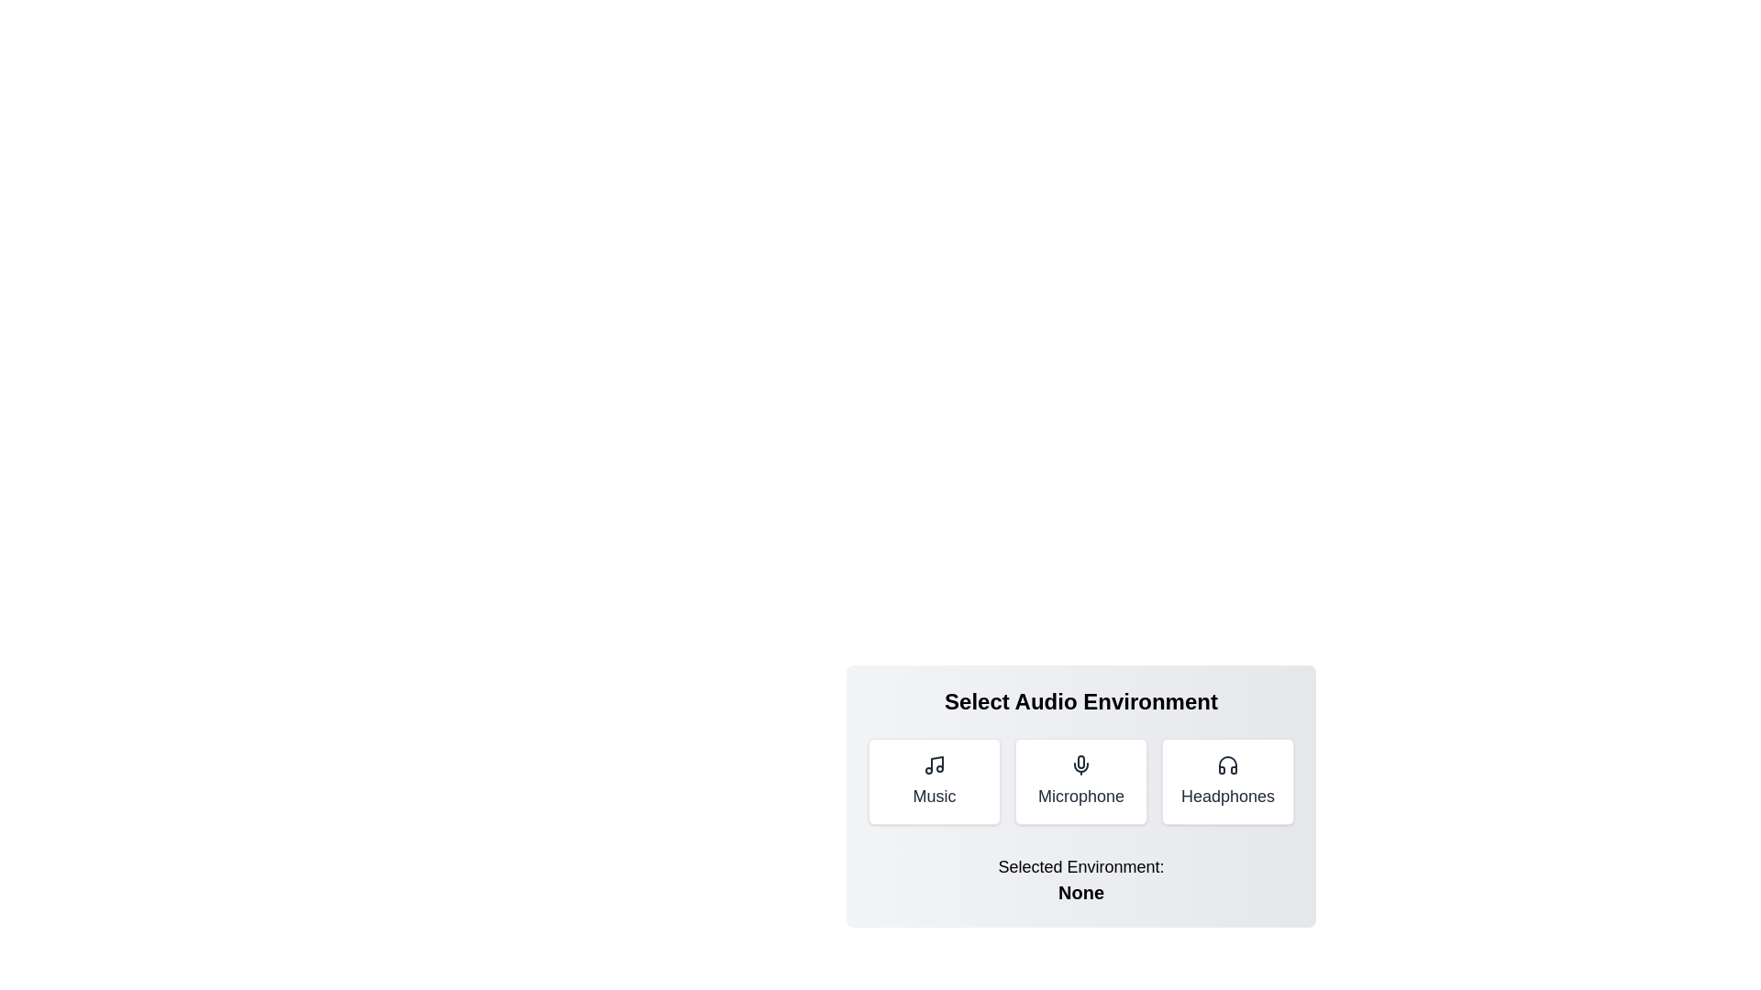 This screenshot has height=990, width=1761. I want to click on the selection panel located near the bottom-right of the interface, so click(1081, 797).